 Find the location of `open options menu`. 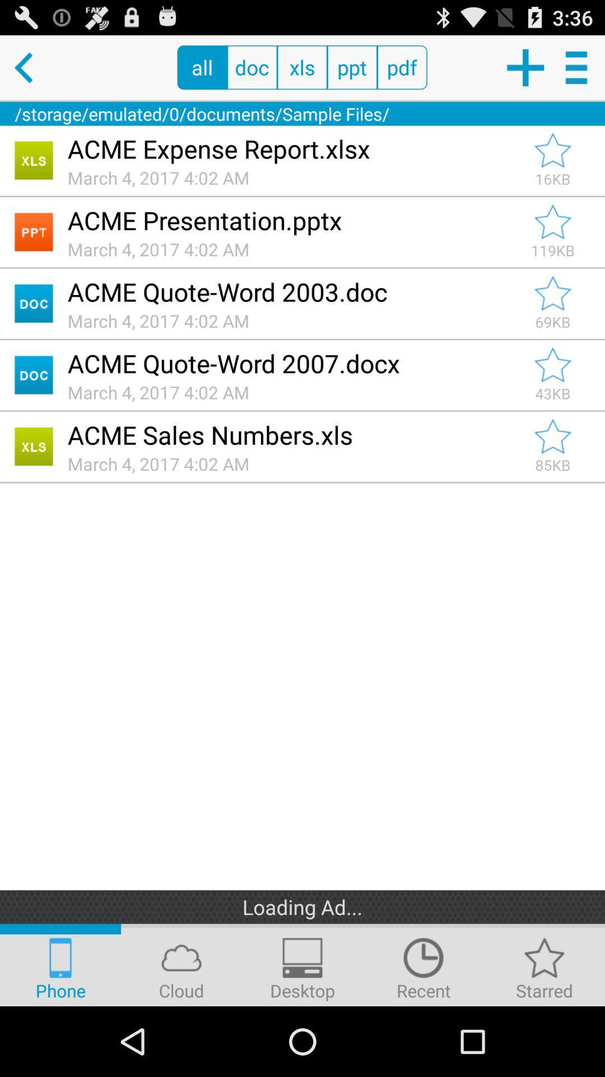

open options menu is located at coordinates (578, 67).